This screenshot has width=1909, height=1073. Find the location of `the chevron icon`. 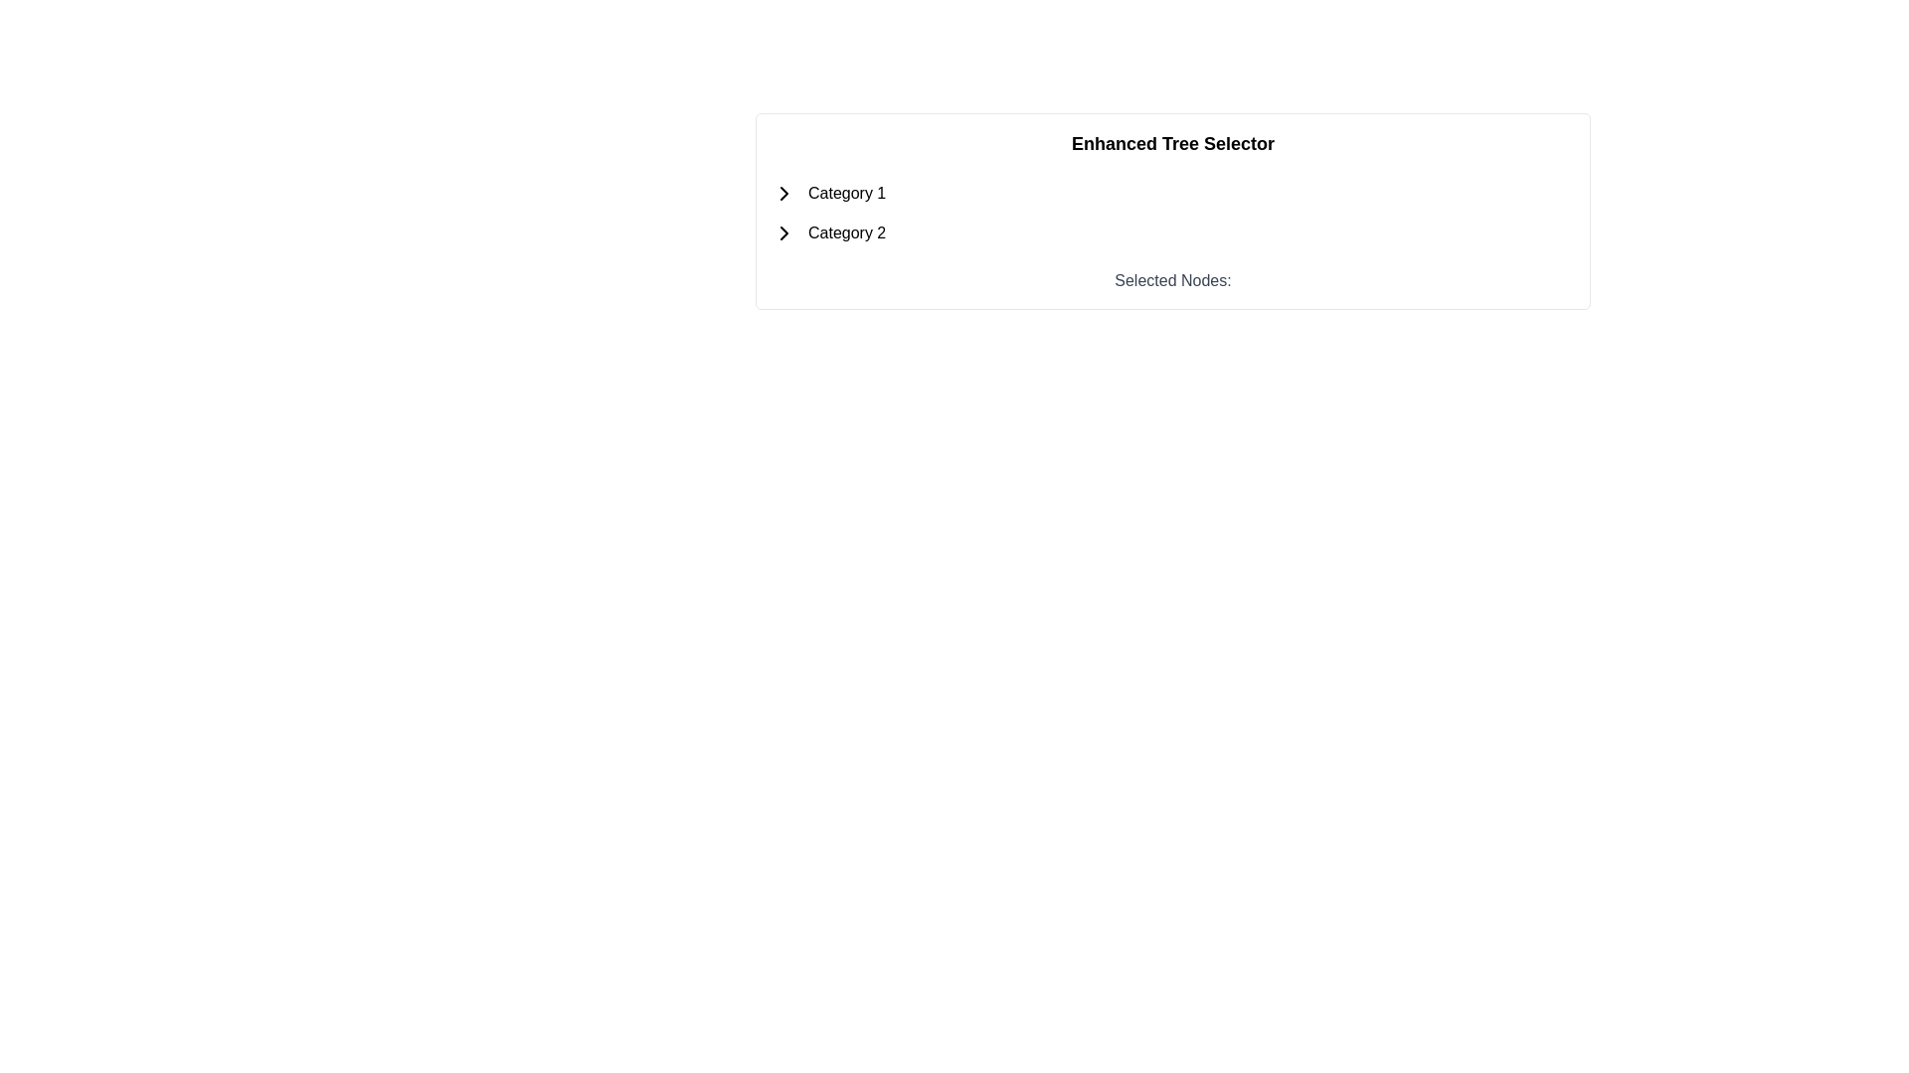

the chevron icon is located at coordinates (782, 232).